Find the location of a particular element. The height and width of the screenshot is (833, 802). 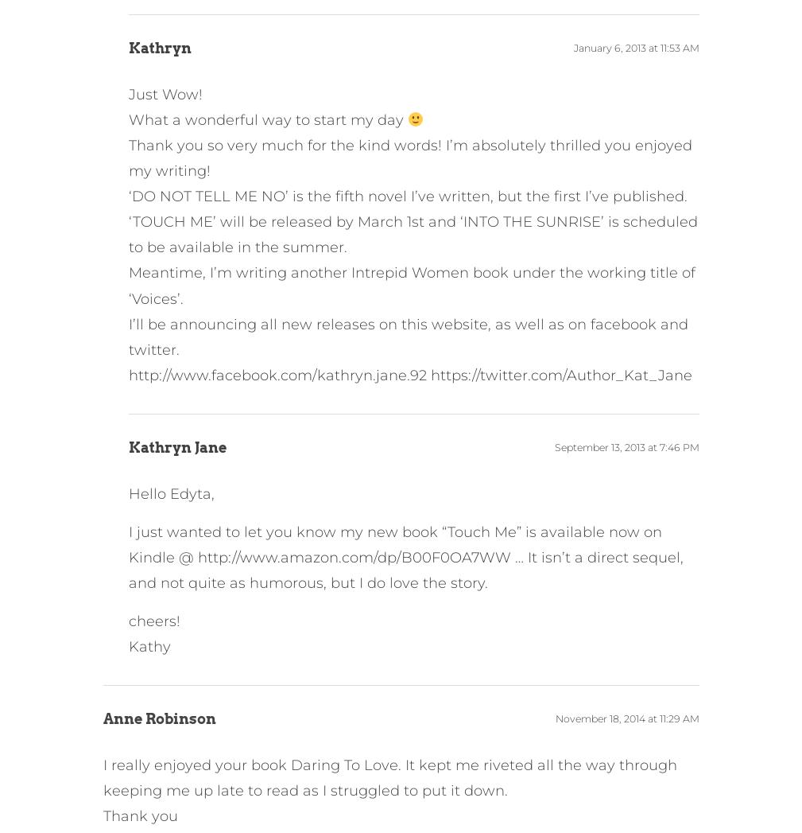

'Just Wow!' is located at coordinates (164, 94).